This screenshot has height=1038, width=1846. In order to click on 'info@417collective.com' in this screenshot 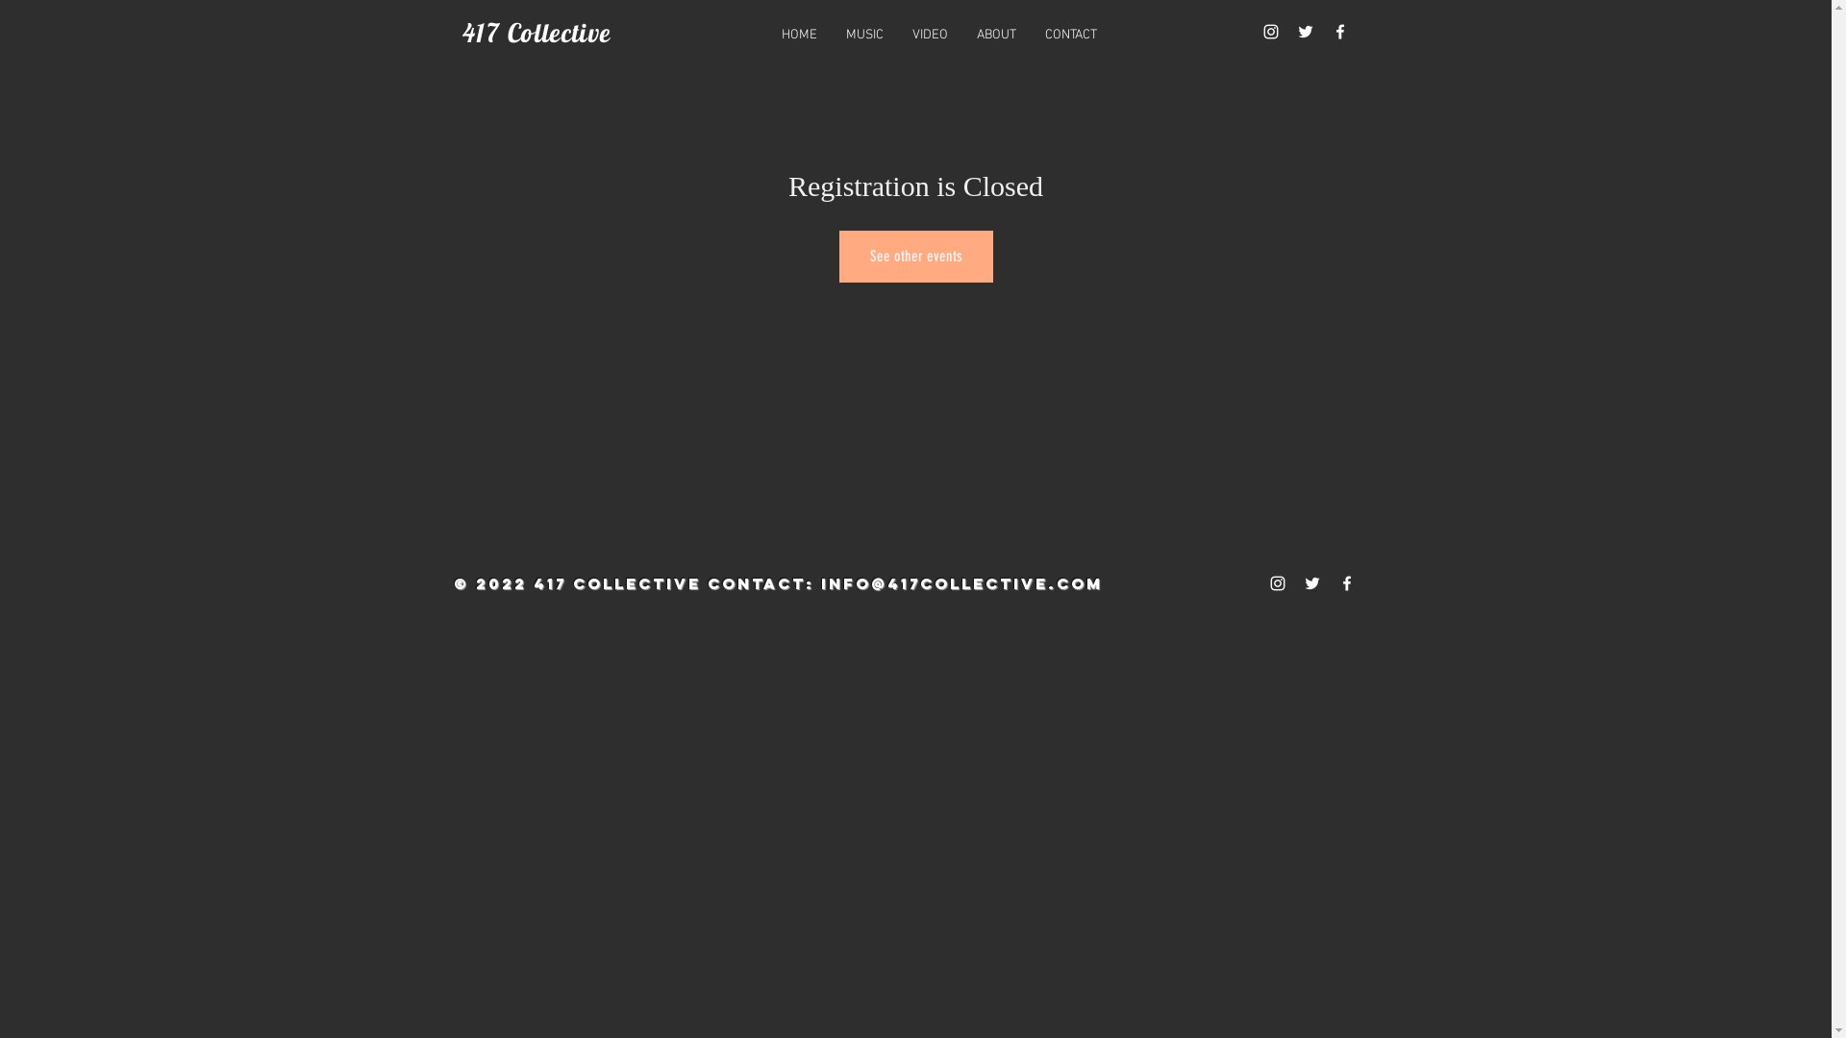, I will do `click(961, 581)`.